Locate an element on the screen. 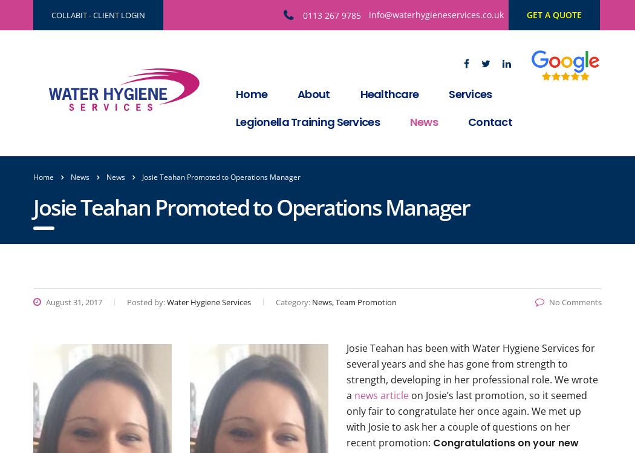 This screenshot has height=453, width=635. 'info@waterhygieneservices.co.uk' is located at coordinates (435, 15).